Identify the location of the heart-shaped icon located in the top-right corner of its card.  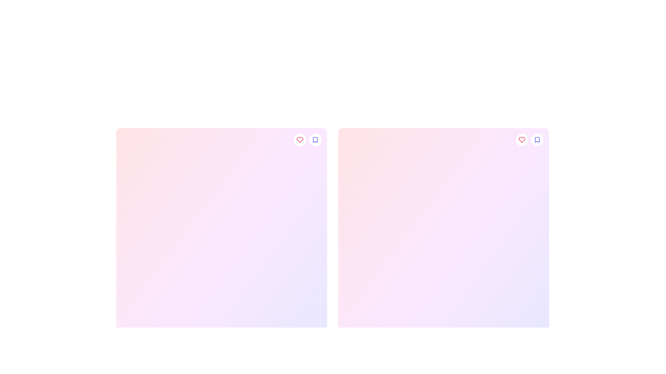
(522, 140).